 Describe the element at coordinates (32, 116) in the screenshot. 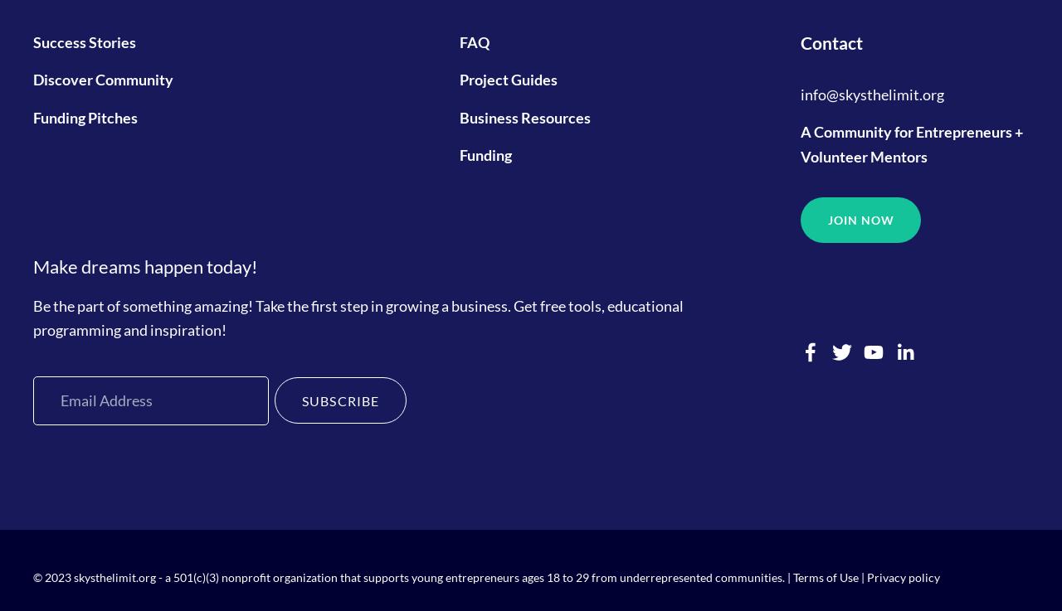

I see `'Funding Pitches'` at that location.